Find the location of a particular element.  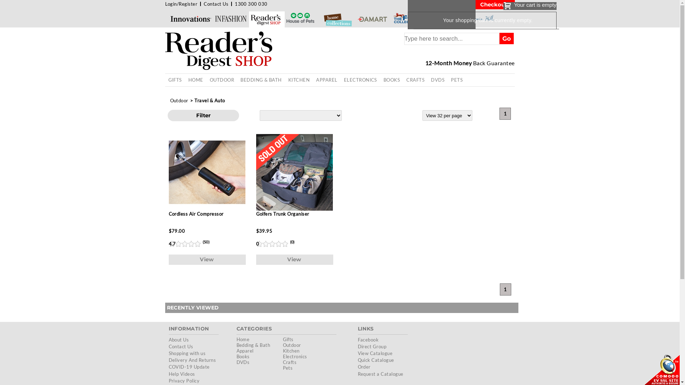

'HOME' is located at coordinates (196, 80).